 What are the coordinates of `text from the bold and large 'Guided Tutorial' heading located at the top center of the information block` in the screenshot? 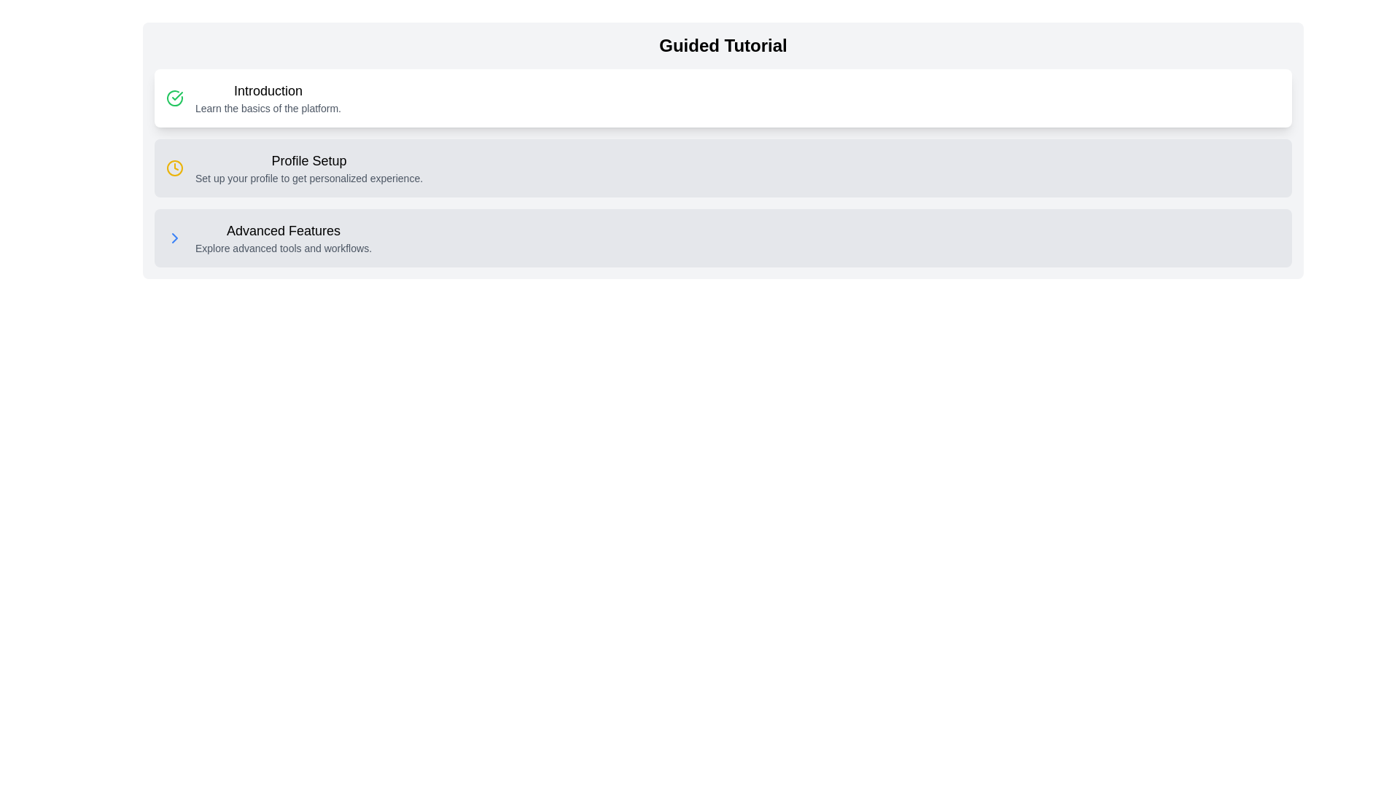 It's located at (723, 44).